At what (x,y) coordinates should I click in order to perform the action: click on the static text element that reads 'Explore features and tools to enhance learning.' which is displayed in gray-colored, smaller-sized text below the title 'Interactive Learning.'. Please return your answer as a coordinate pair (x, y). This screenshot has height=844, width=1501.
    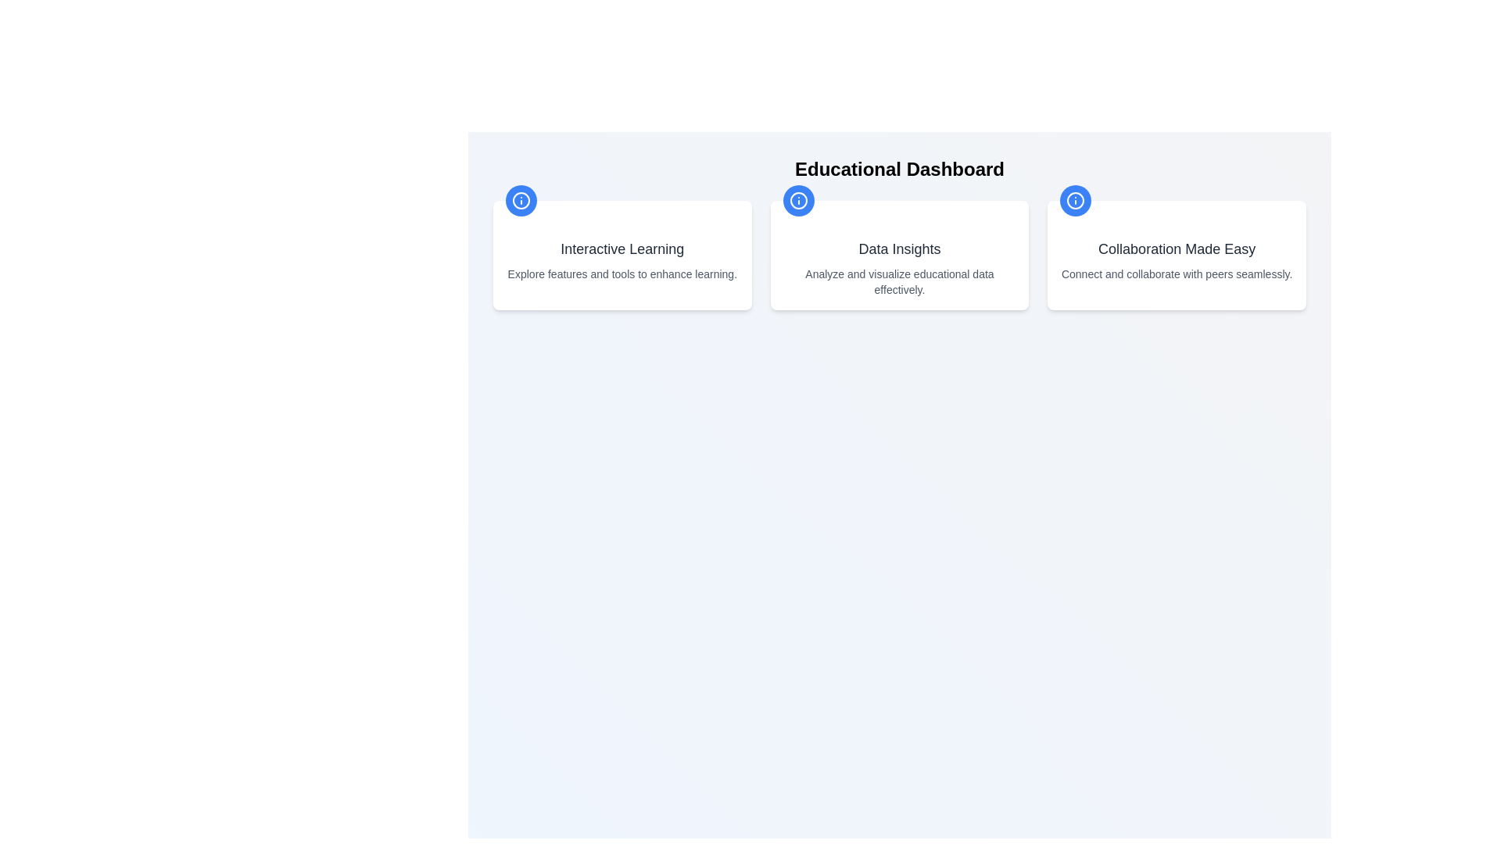
    Looking at the image, I should click on (622, 274).